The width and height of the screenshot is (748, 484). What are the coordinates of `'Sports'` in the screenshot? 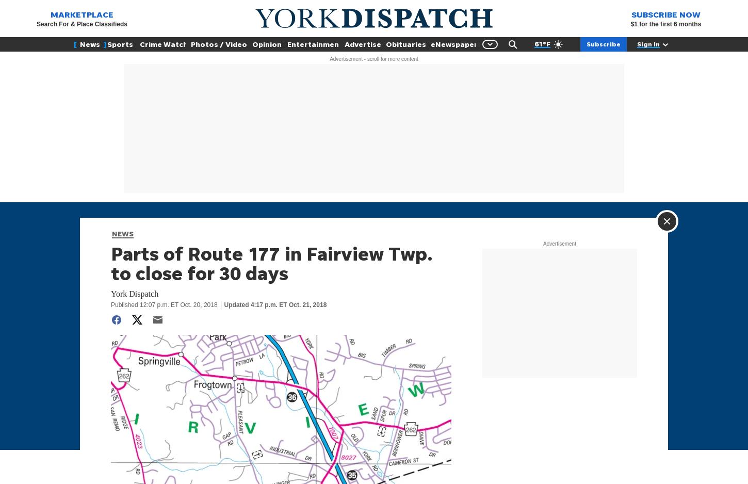 It's located at (120, 44).